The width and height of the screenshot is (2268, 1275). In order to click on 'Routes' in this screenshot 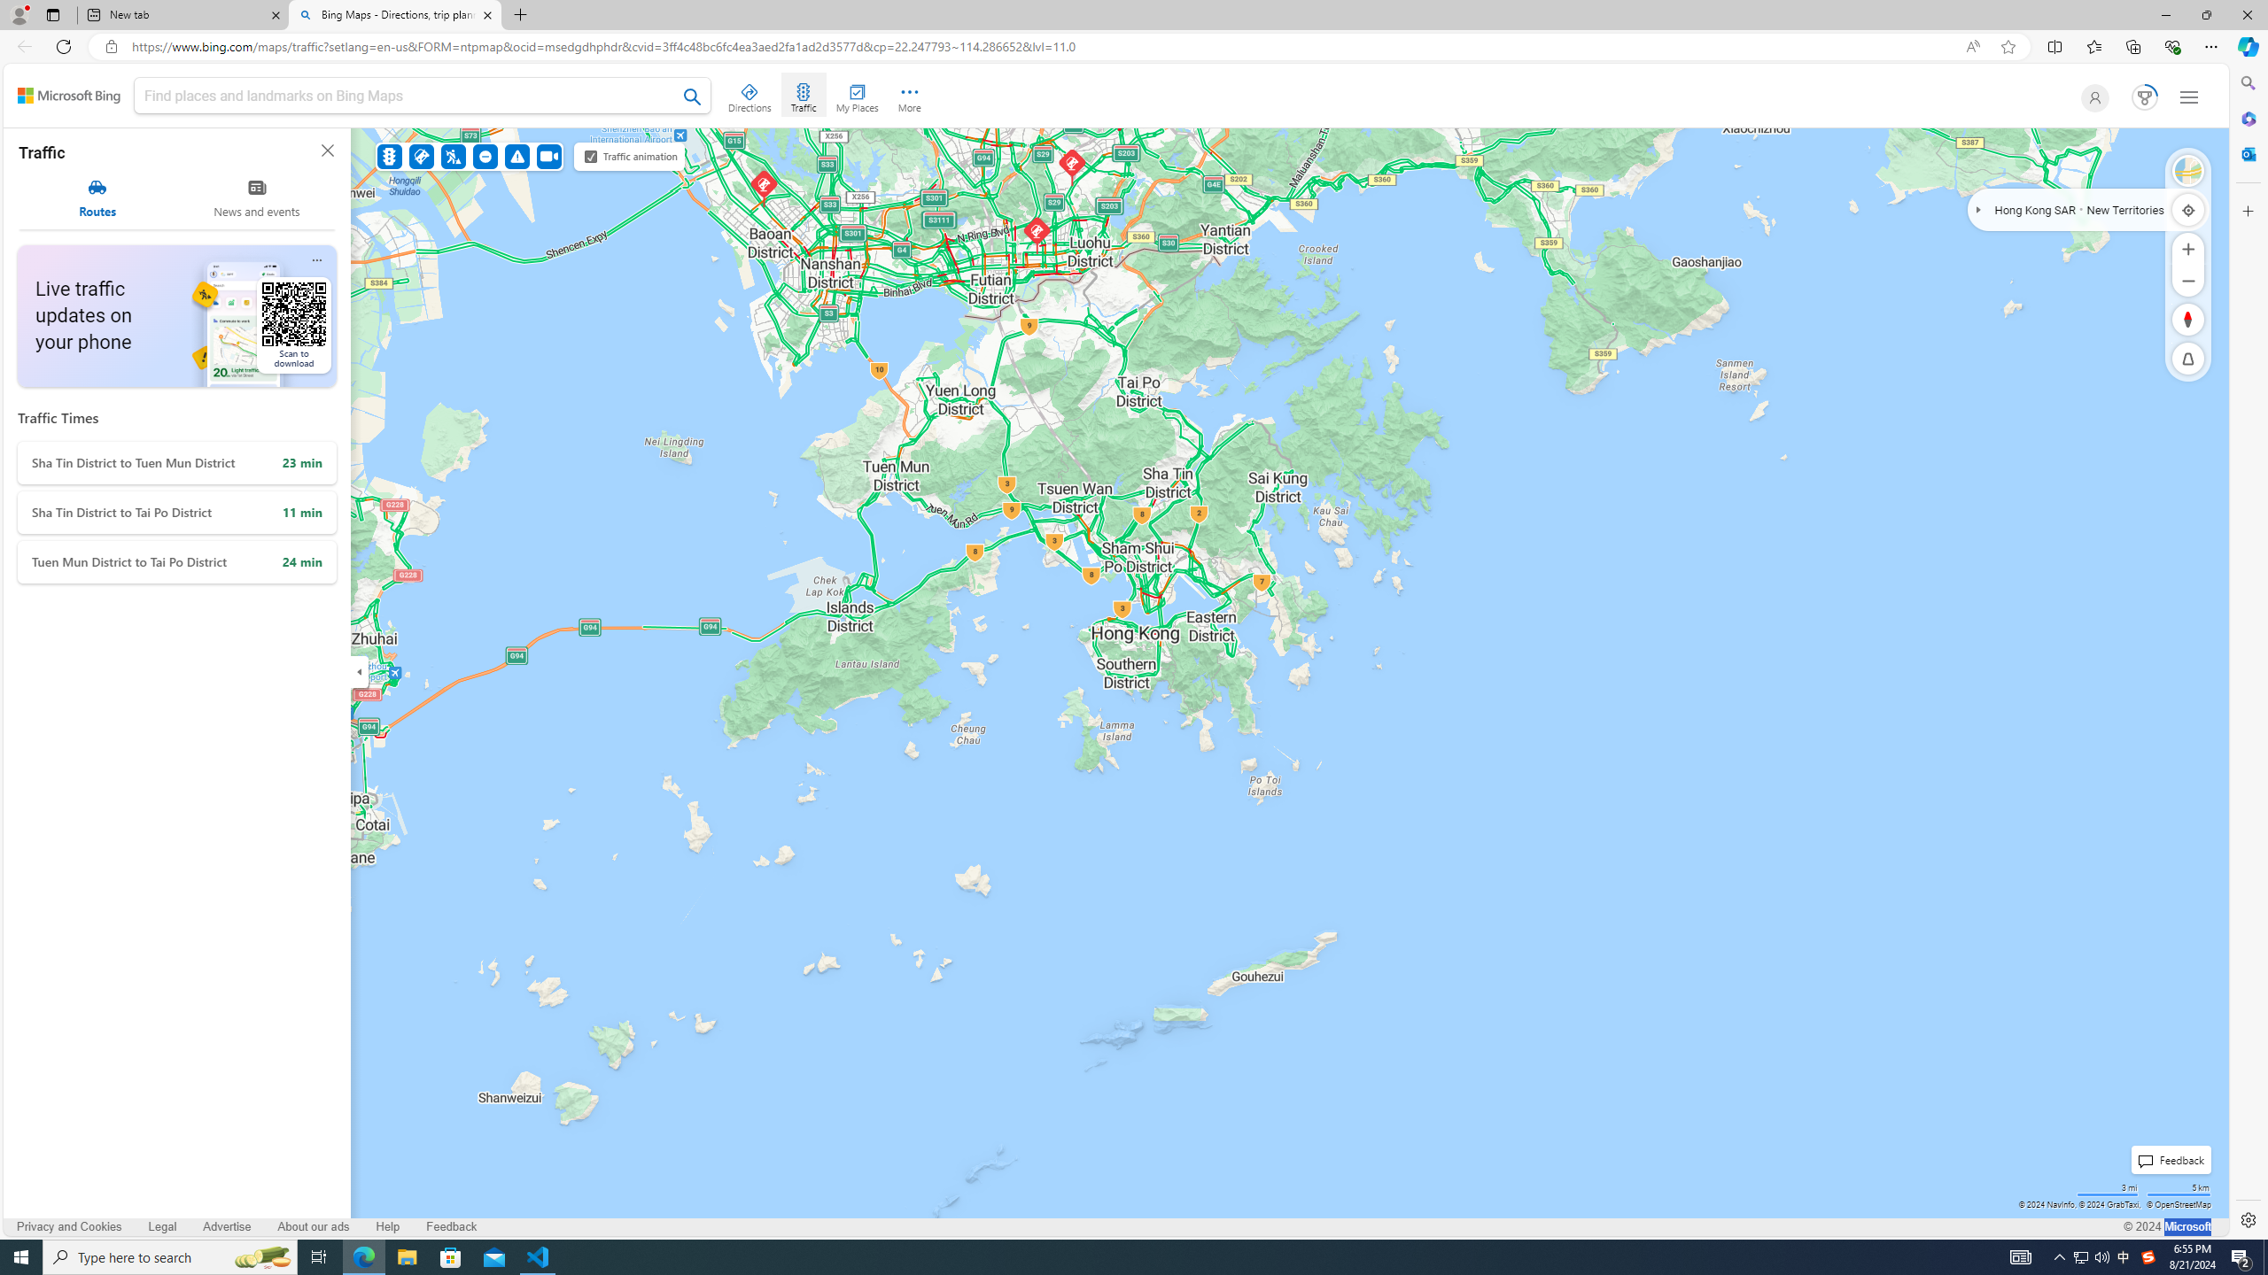, I will do `click(97, 197)`.